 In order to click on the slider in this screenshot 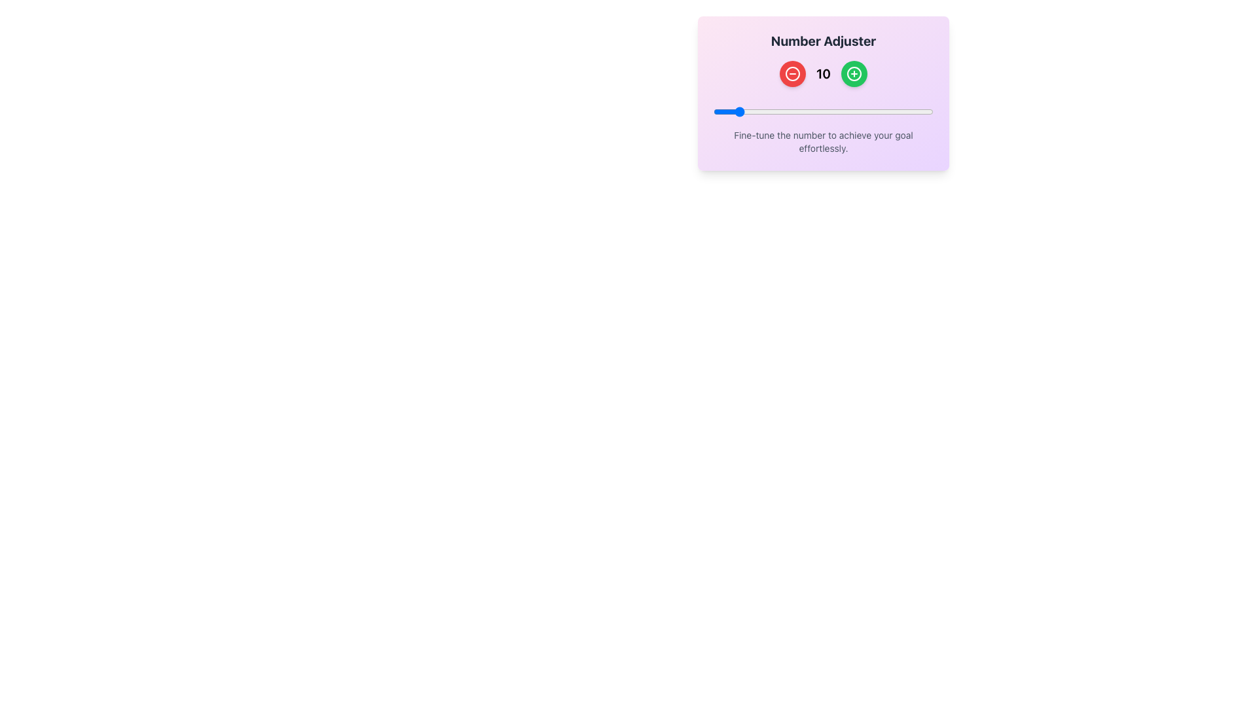, I will do `click(924, 111)`.